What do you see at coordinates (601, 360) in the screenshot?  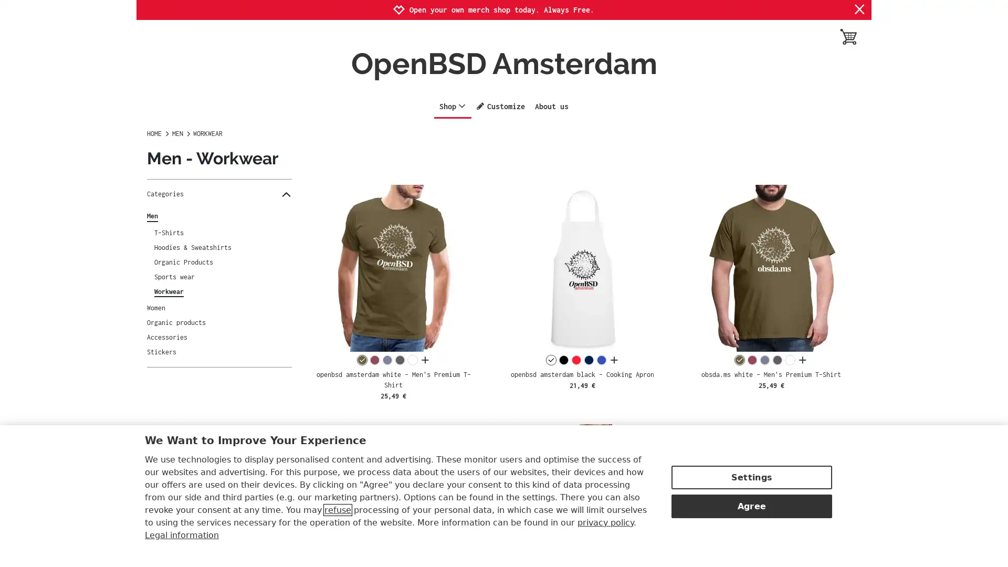 I see `royal blue` at bounding box center [601, 360].